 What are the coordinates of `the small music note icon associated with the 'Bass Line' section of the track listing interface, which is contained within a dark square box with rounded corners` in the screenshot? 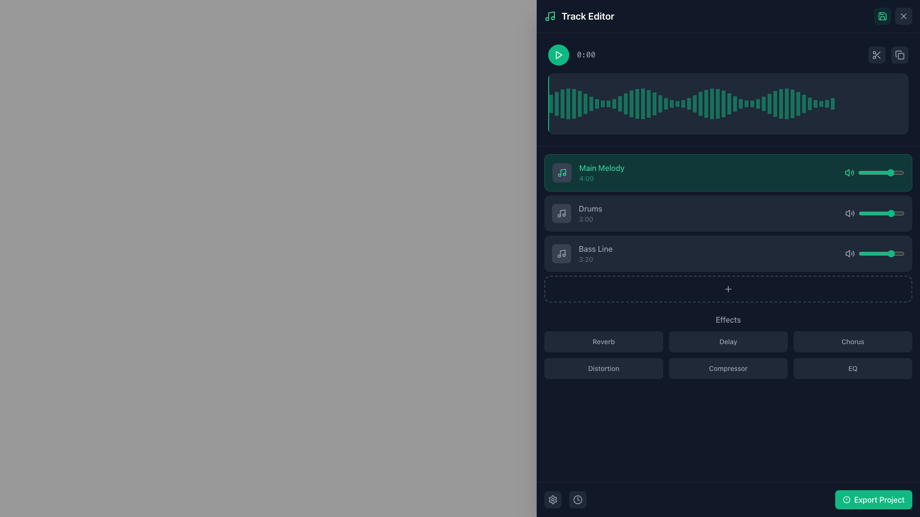 It's located at (561, 253).